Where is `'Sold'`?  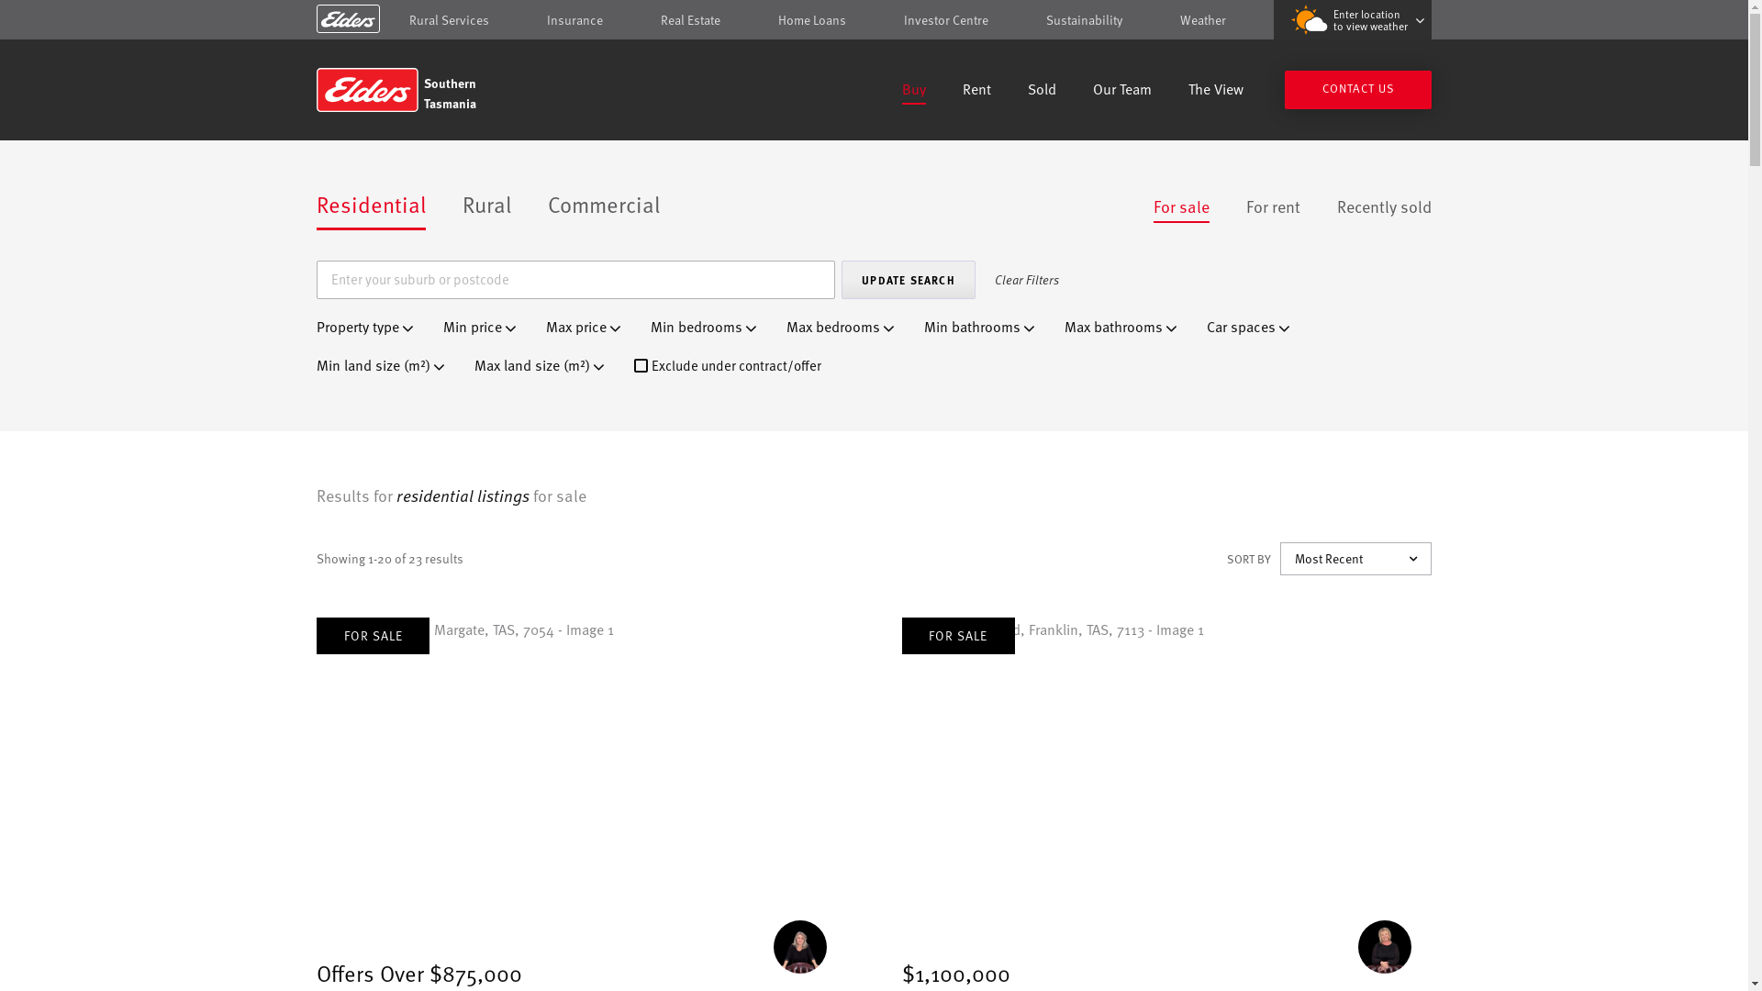
'Sold' is located at coordinates (1026, 91).